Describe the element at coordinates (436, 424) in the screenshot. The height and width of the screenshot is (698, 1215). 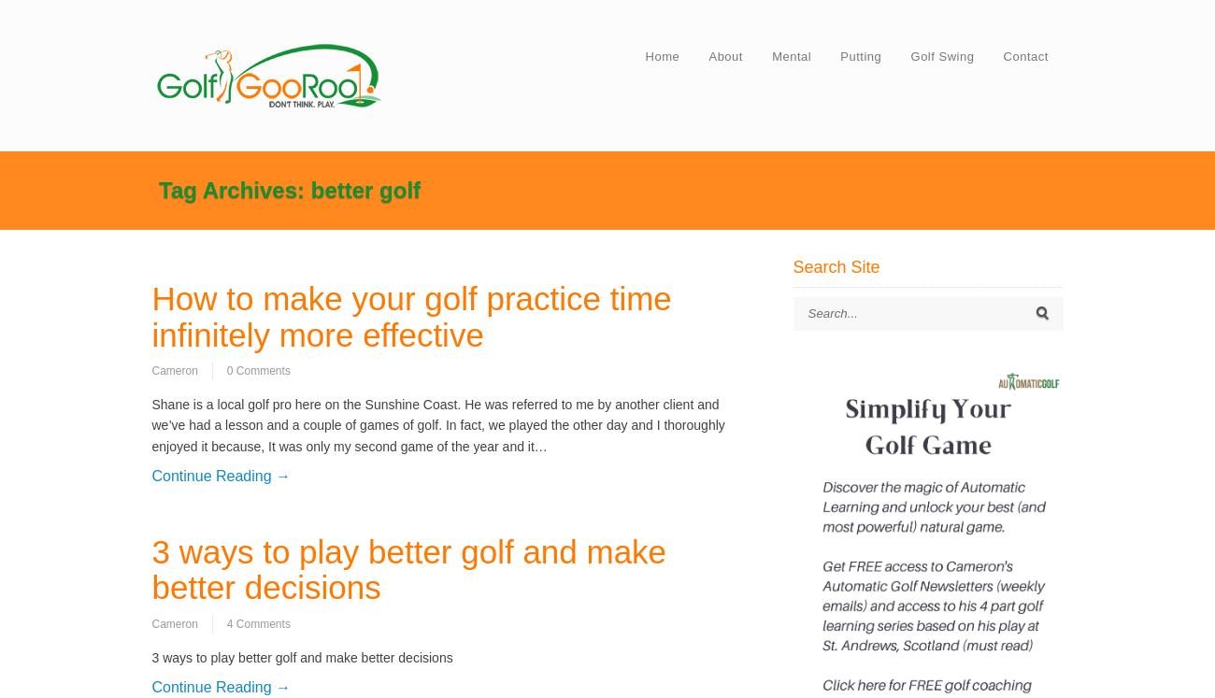
I see `'Shane is a local golf pro here on the Sunshine Coast. He was referred to me by another client and we’ve had a lesson and a couple of games of golf. In fact, we played the other day and I thoroughly enjoyed it because, It was only my second game of the year and it…'` at that location.